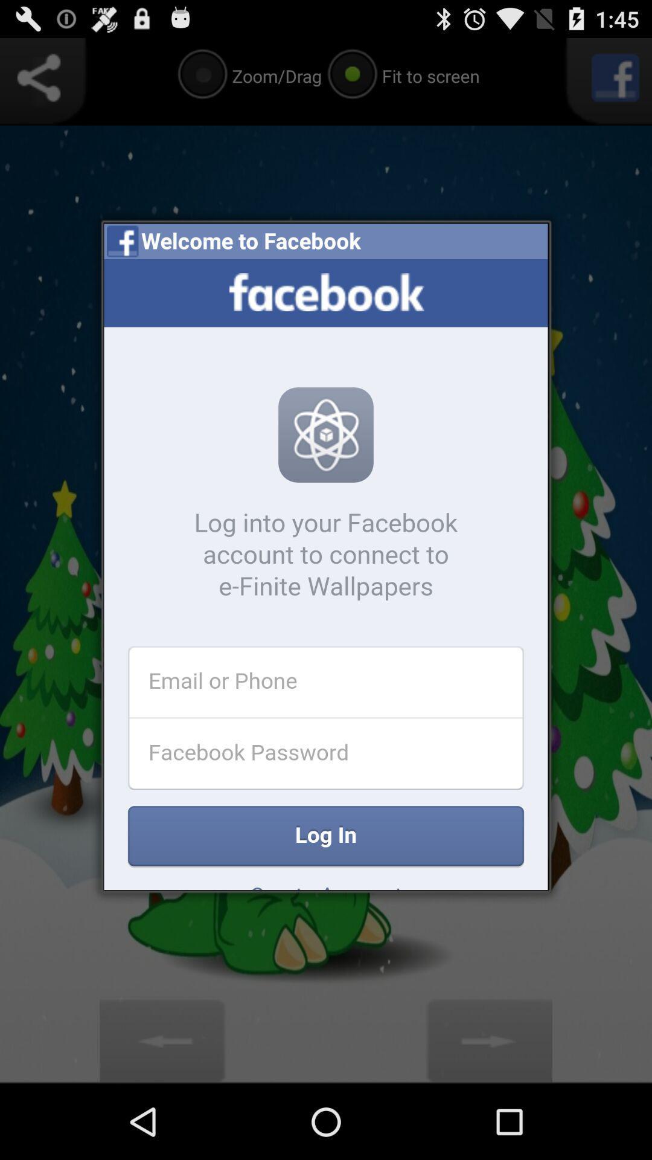  Describe the element at coordinates (326, 573) in the screenshot. I see `facebook log in` at that location.